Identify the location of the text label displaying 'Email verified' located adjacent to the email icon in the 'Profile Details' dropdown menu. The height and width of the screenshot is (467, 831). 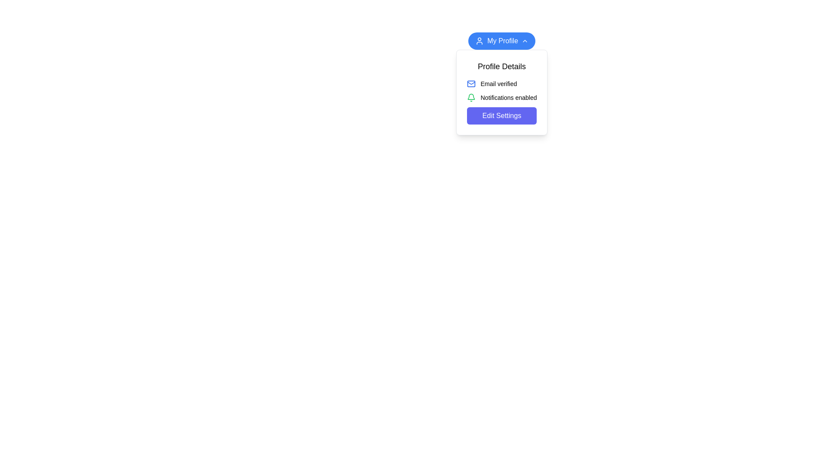
(499, 83).